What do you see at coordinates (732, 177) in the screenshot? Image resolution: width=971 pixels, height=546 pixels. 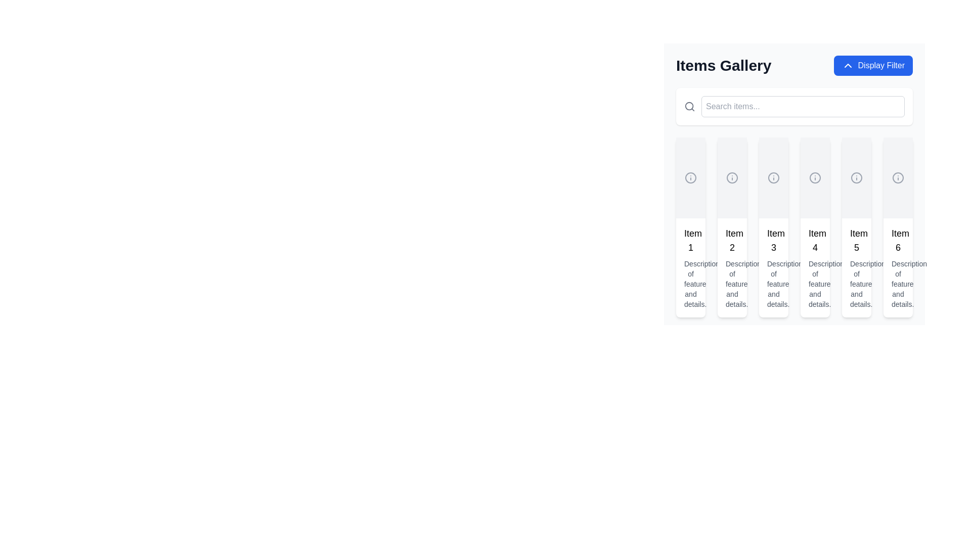 I see `the central SVG Circle element of the informational icon related to 'Item 2', located in the second column below the header and search bar area` at bounding box center [732, 177].